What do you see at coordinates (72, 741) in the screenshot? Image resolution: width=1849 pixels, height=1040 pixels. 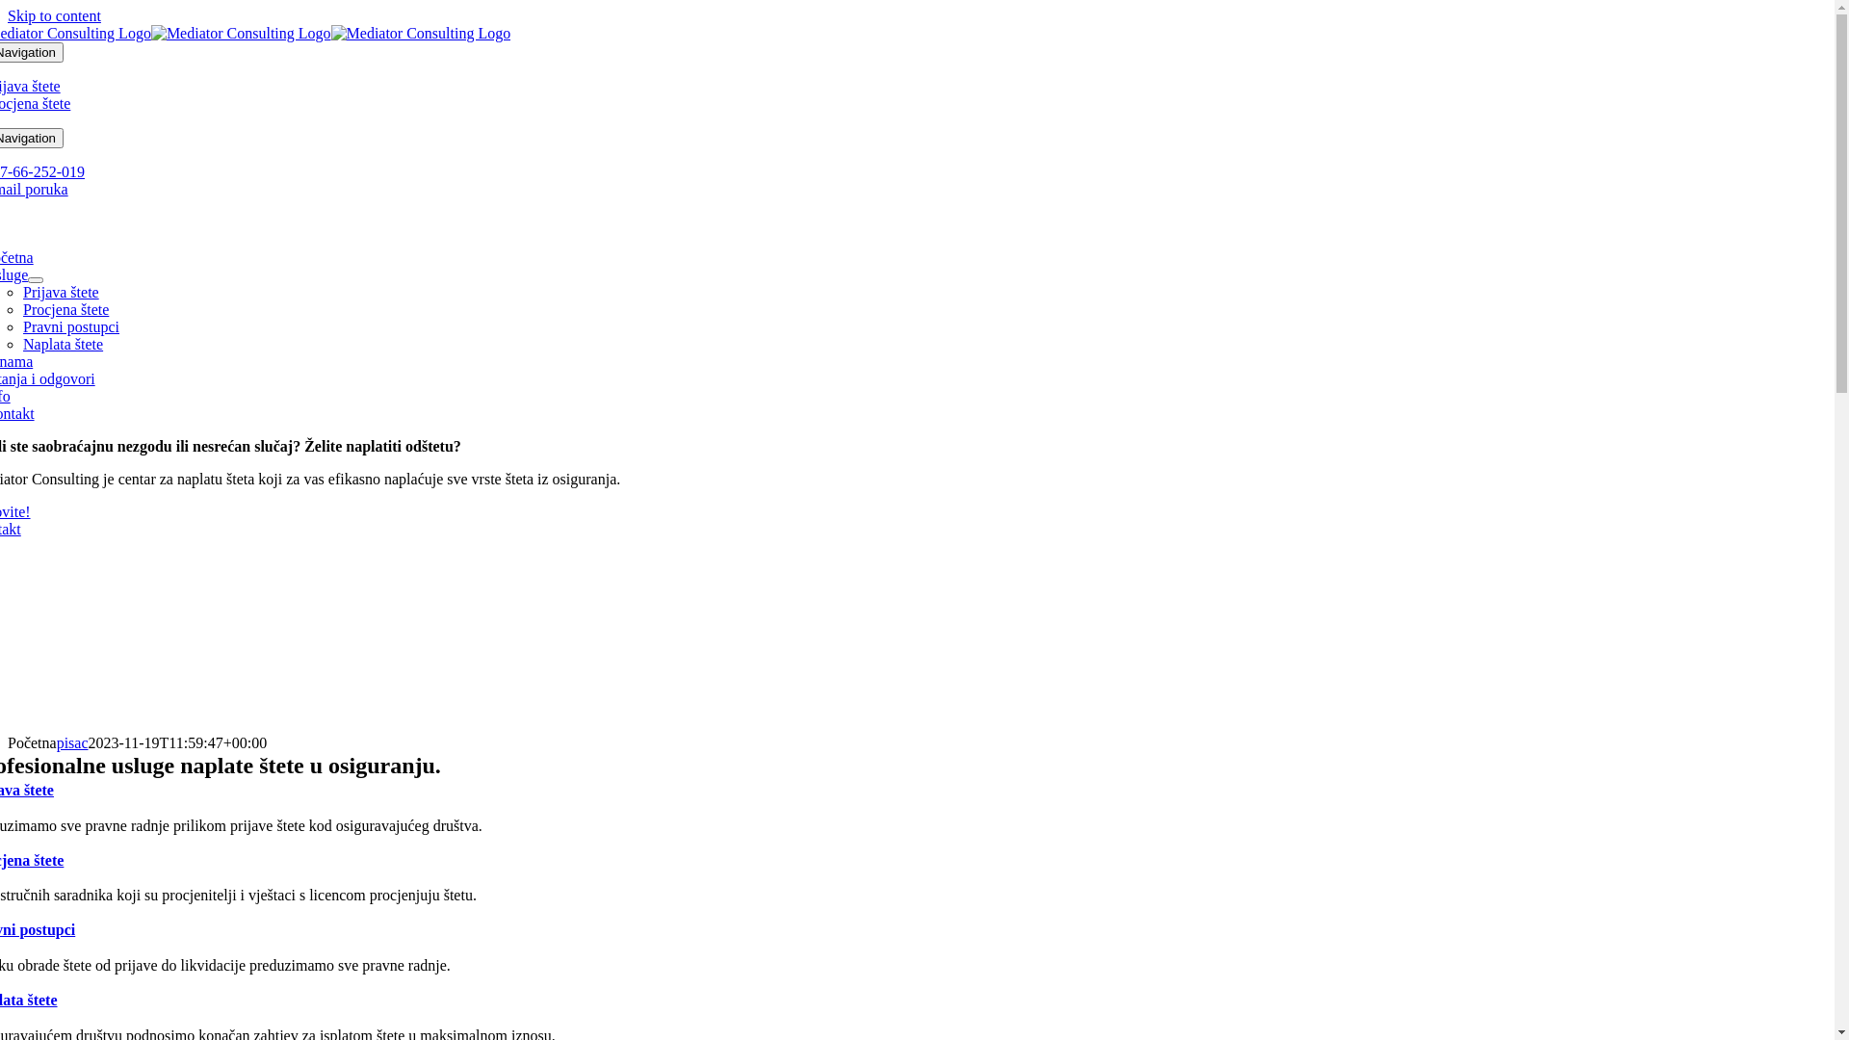 I see `'pisac'` at bounding box center [72, 741].